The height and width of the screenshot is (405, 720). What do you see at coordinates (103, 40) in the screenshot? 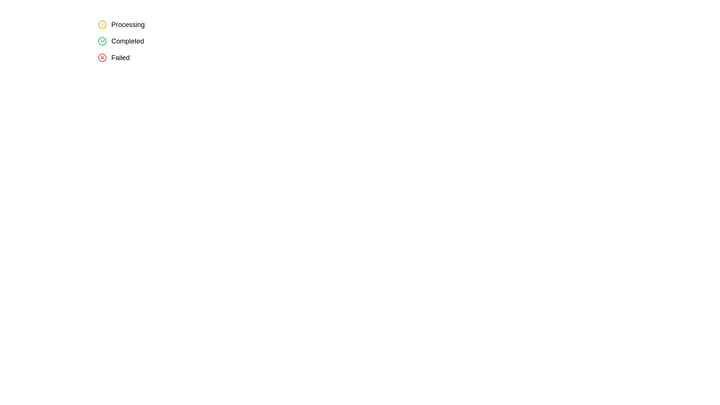
I see `the checkmark icon, which is styled with a green border and indicates completion, located beside the 'Completed' list in the interface` at bounding box center [103, 40].